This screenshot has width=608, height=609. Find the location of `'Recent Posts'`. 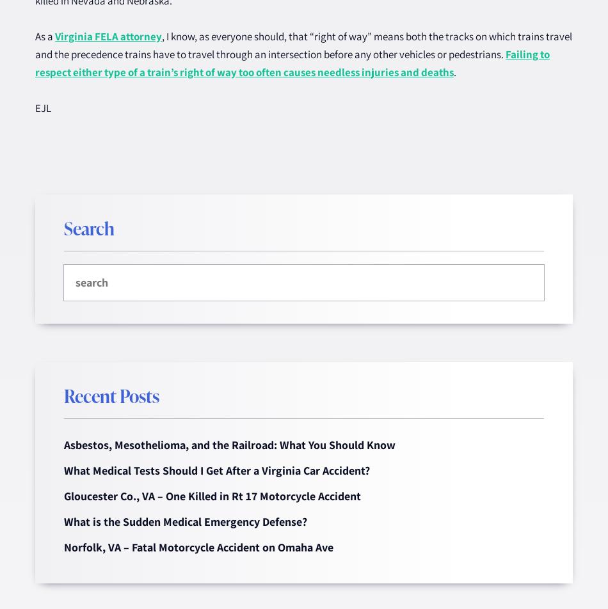

'Recent Posts' is located at coordinates (111, 395).